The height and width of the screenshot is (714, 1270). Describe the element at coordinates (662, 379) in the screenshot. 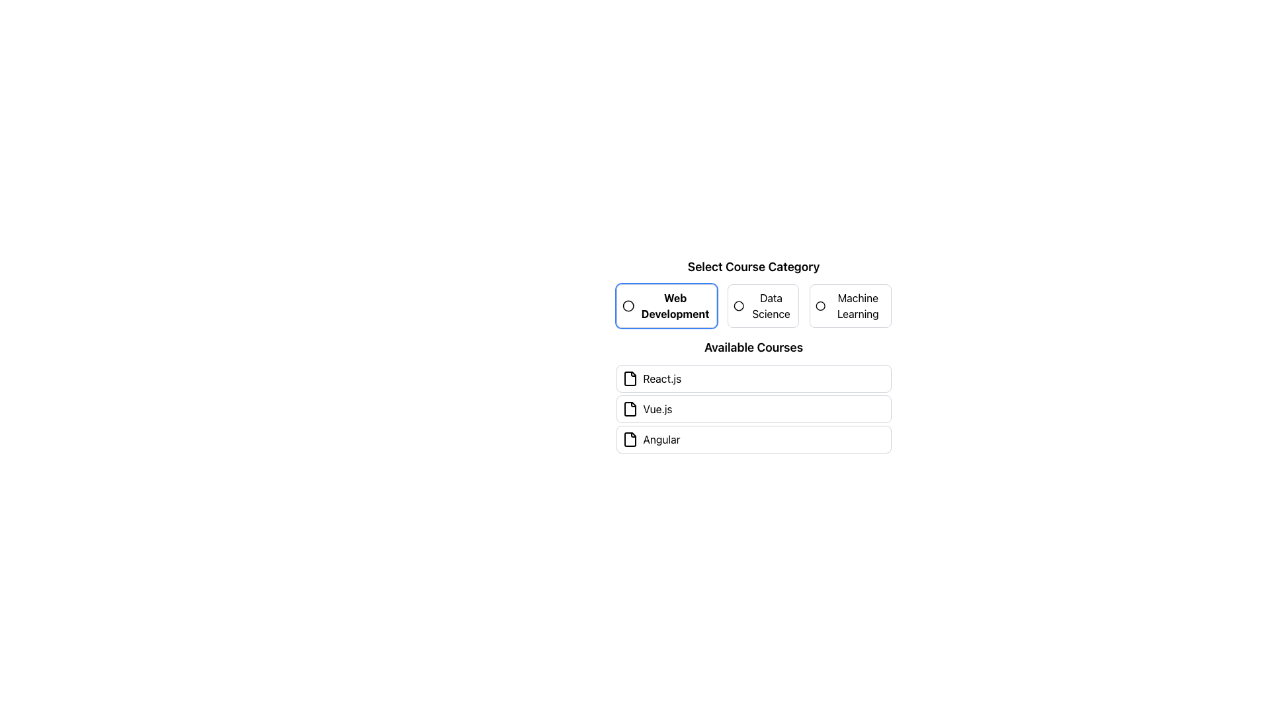

I see `the 'React.js' text label in the 'Available Courses' section` at that location.